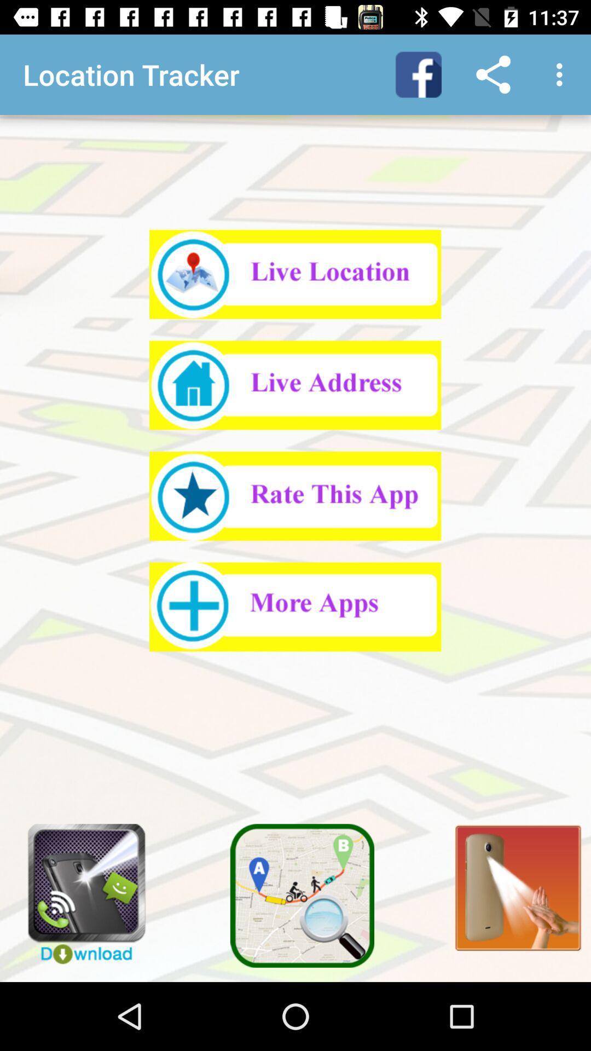  I want to click on download option, so click(78, 888).